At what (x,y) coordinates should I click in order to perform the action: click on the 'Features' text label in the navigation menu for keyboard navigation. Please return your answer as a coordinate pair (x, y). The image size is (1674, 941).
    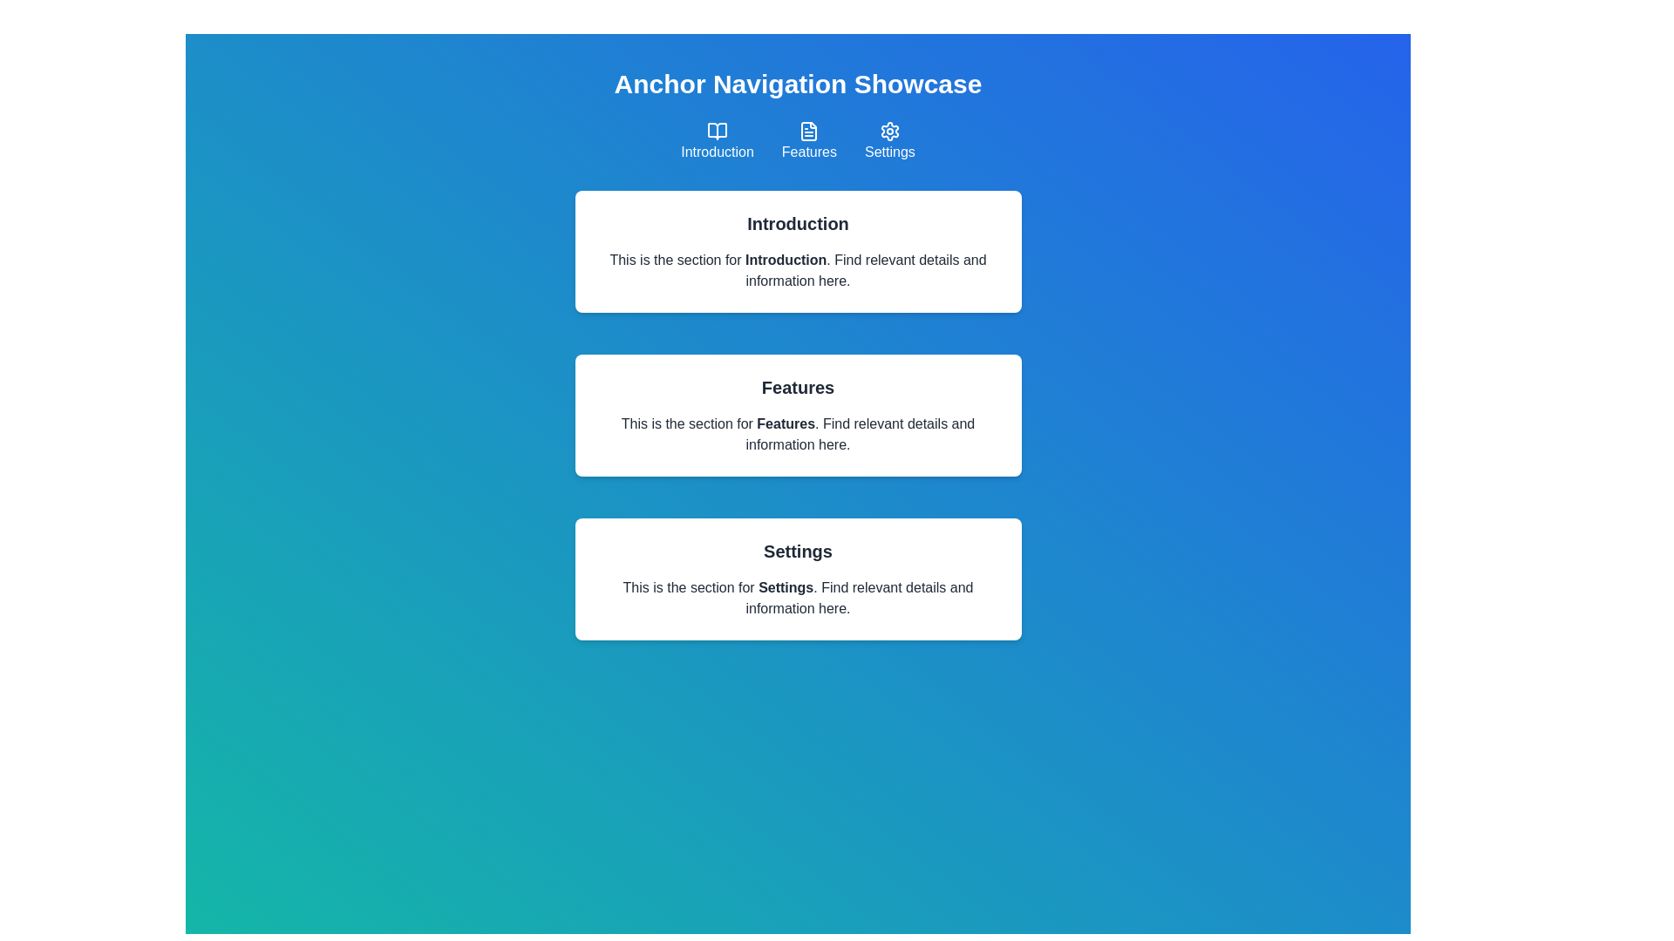
    Looking at the image, I should click on (808, 151).